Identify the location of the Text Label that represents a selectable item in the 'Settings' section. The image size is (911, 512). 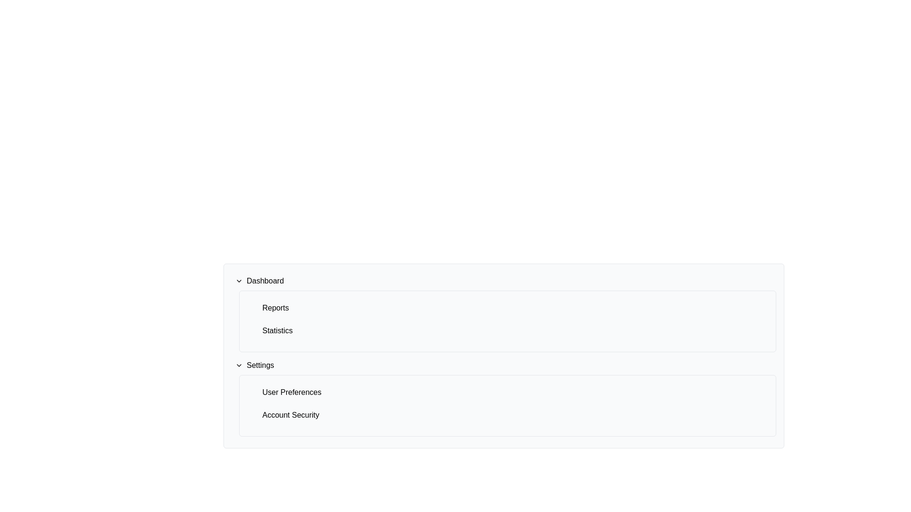
(291, 393).